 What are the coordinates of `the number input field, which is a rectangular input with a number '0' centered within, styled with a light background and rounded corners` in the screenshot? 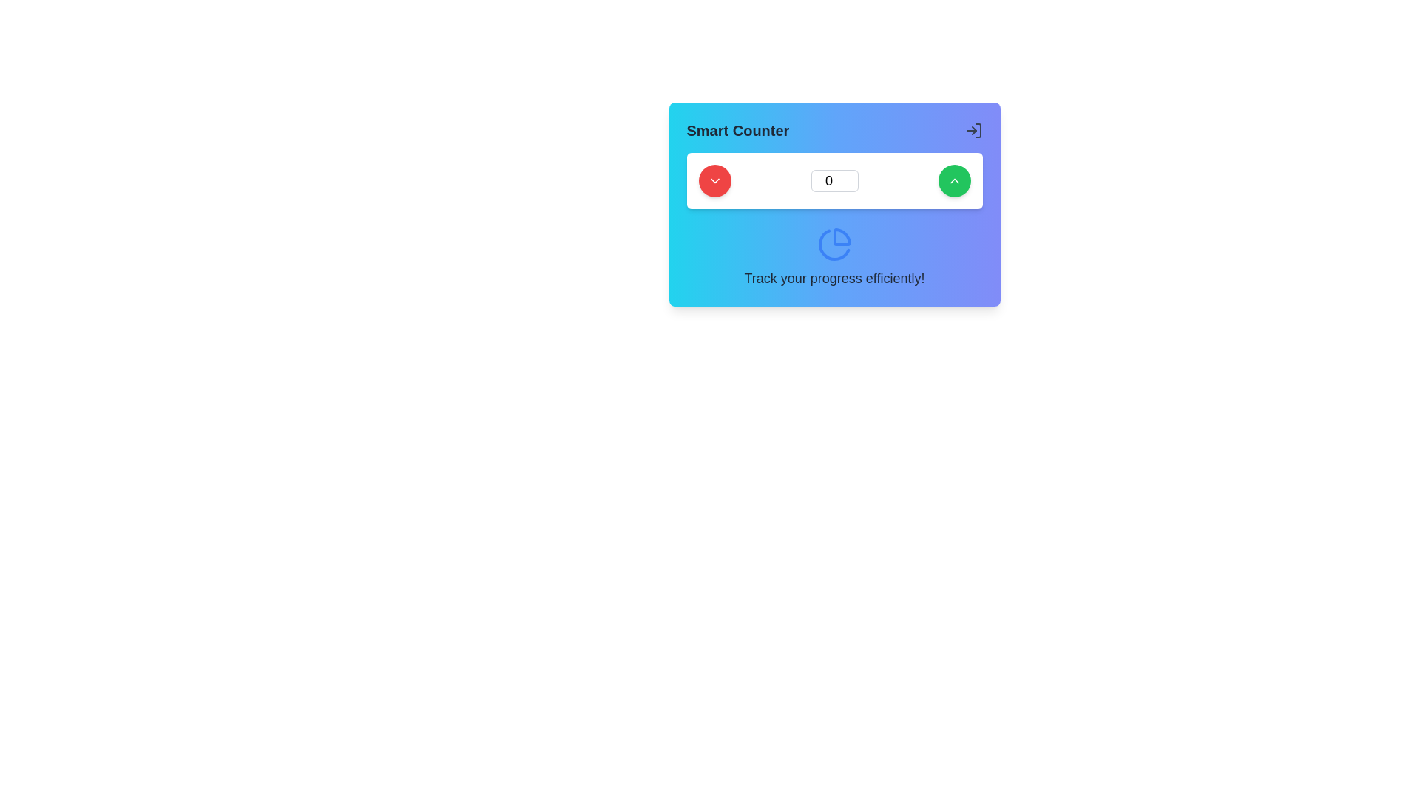 It's located at (834, 180).